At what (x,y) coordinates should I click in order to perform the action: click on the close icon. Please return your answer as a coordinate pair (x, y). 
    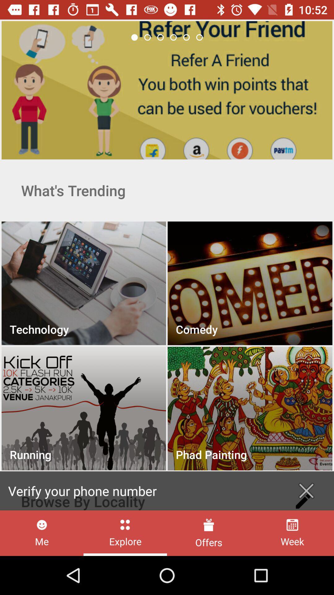
    Looking at the image, I should click on (306, 491).